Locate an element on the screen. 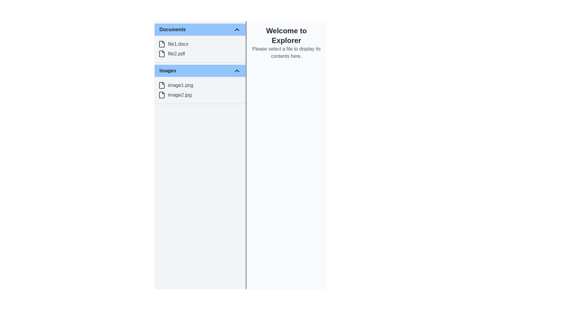  the file icon in the 'Images' section, which is styled with a minimalistic design and is located to the left of the 'image2.jpg' text is located at coordinates (162, 95).